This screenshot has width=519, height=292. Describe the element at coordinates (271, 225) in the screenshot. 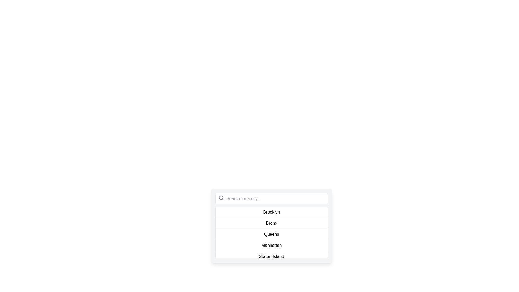

I see `the selectable list item reading 'Bronx', which is the second item in the vertical list beneath the search bar` at that location.